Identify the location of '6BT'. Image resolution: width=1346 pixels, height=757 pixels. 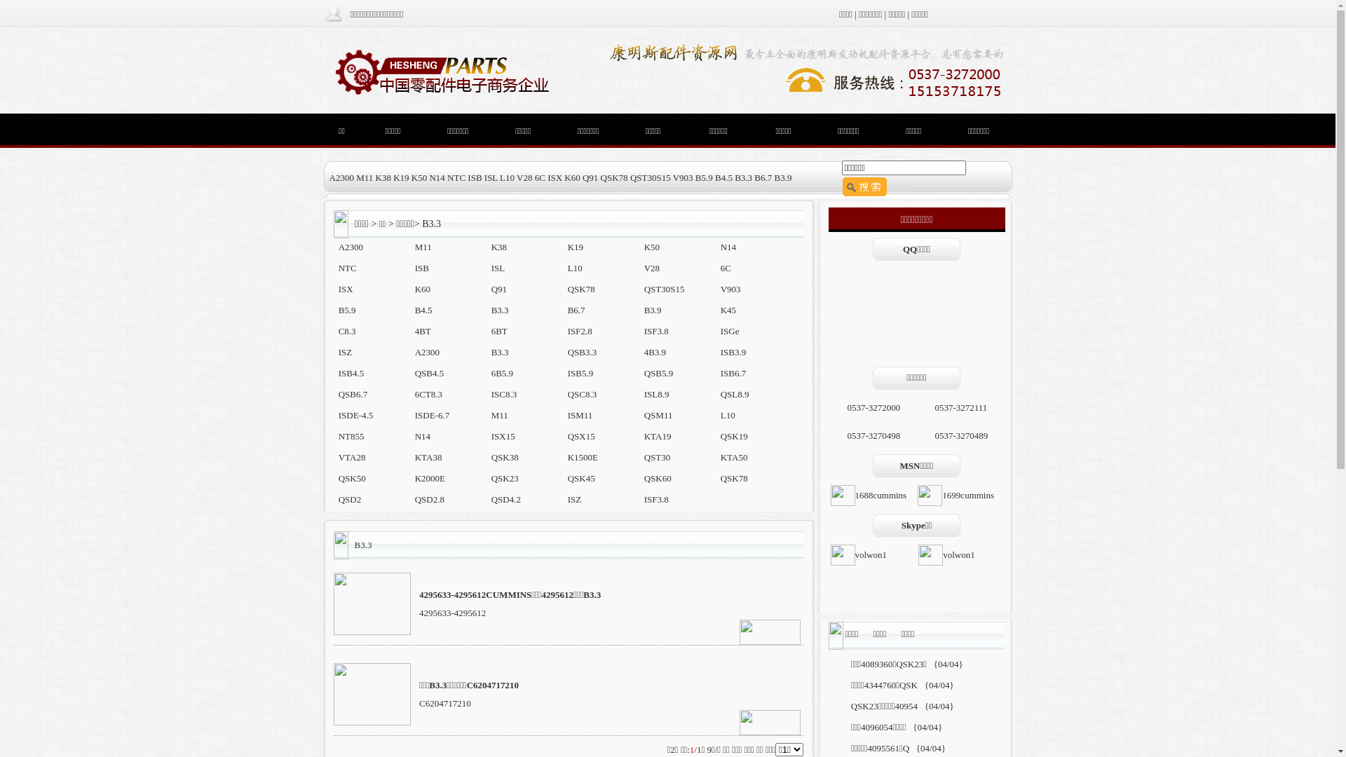
(499, 331).